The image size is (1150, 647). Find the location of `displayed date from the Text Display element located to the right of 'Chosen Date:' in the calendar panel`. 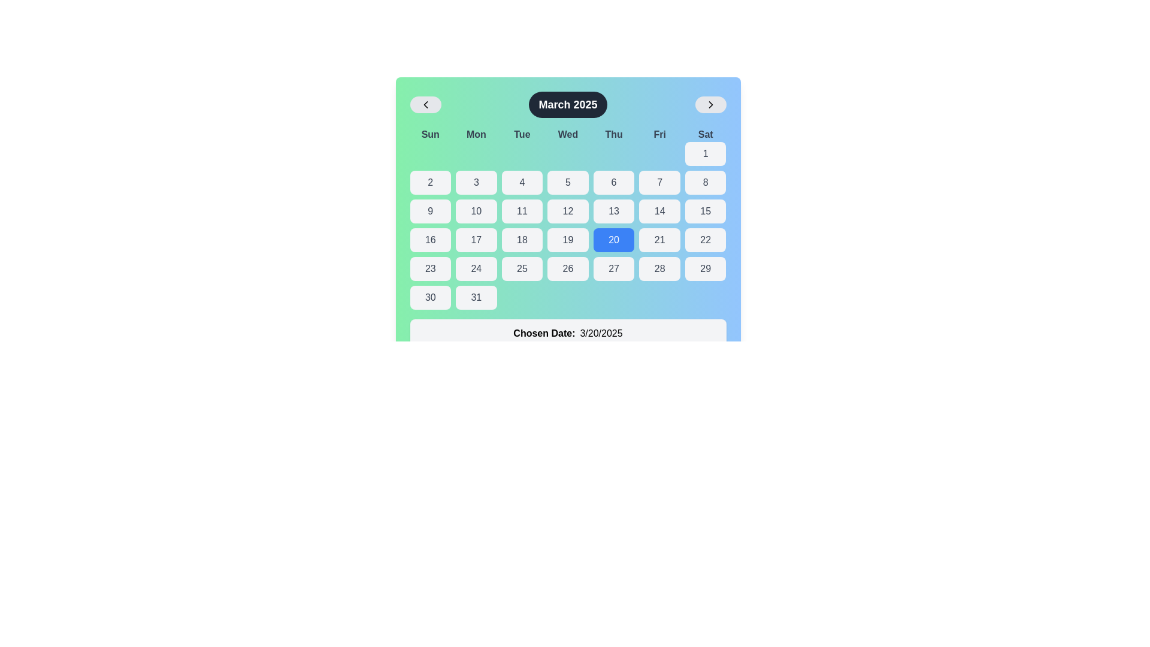

displayed date from the Text Display element located to the right of 'Chosen Date:' in the calendar panel is located at coordinates (601, 333).